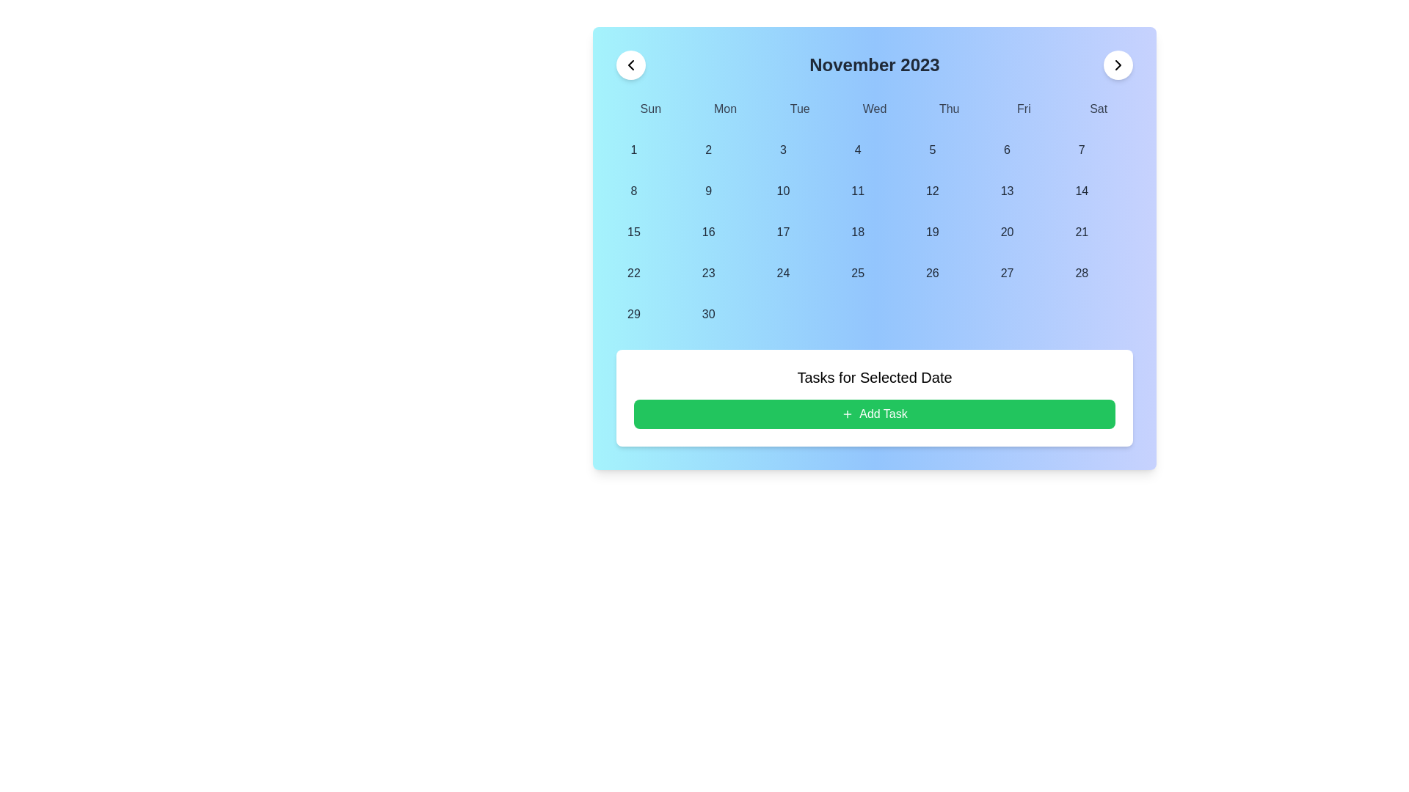 The image size is (1409, 792). What do you see at coordinates (874, 414) in the screenshot?
I see `the button labeled 'Add Task' within the 'Tasks for Selected Date' section` at bounding box center [874, 414].